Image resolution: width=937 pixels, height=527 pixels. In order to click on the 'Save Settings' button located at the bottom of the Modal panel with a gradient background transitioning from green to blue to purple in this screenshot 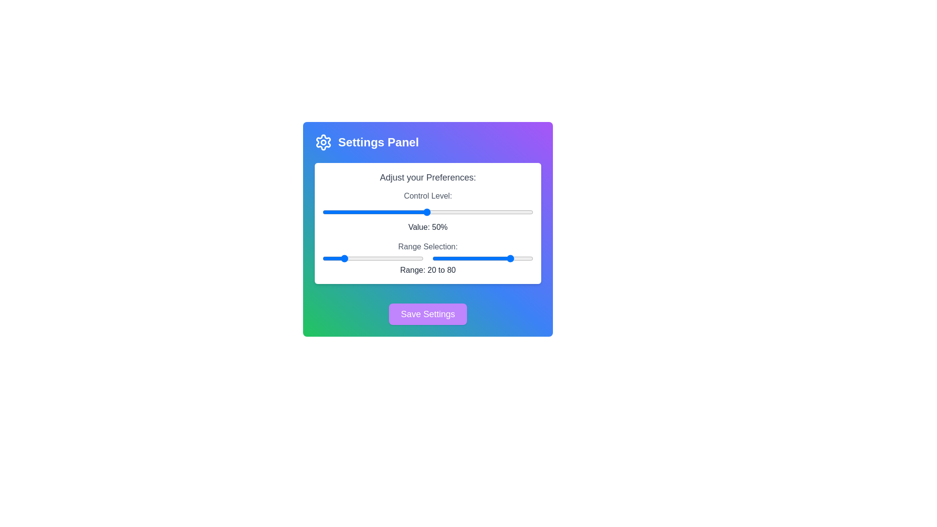, I will do `click(428, 229)`.